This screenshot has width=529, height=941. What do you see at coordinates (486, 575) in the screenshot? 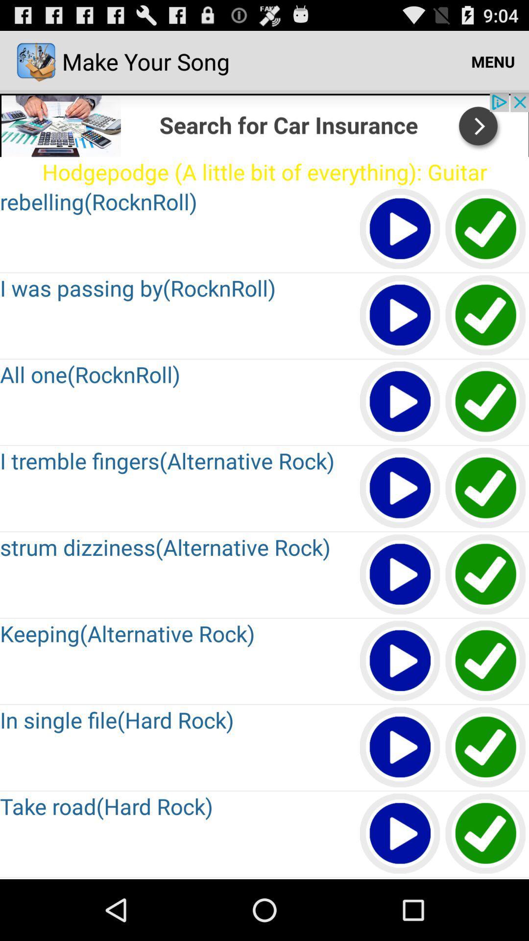
I see `include this selection` at bounding box center [486, 575].